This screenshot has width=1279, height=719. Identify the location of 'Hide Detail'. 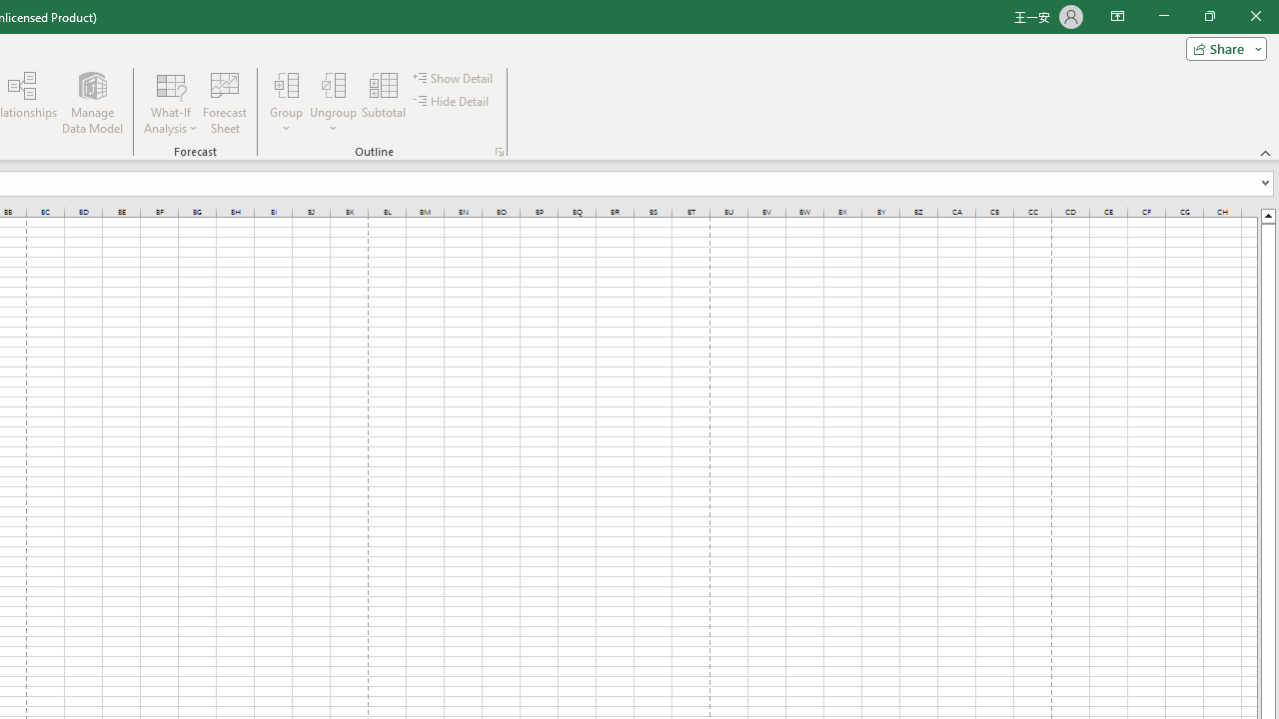
(452, 101).